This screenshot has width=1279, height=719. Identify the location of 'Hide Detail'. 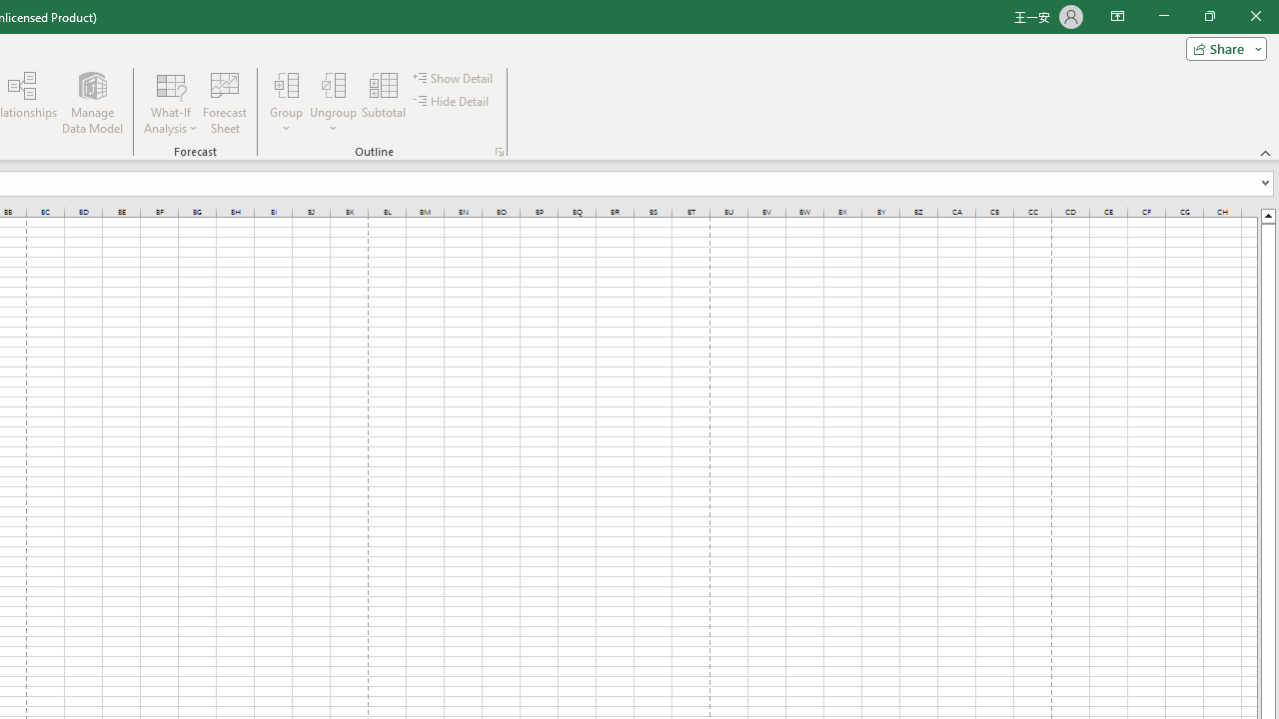
(452, 101).